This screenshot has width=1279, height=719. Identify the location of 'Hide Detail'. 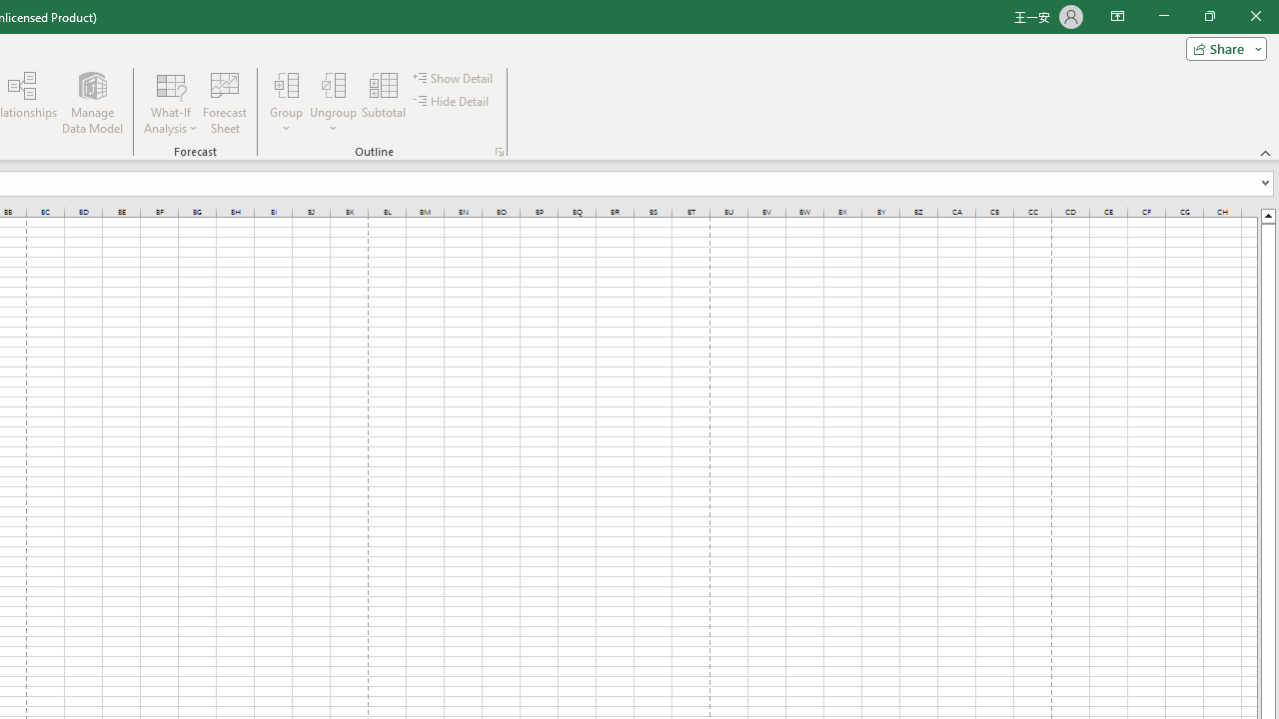
(452, 101).